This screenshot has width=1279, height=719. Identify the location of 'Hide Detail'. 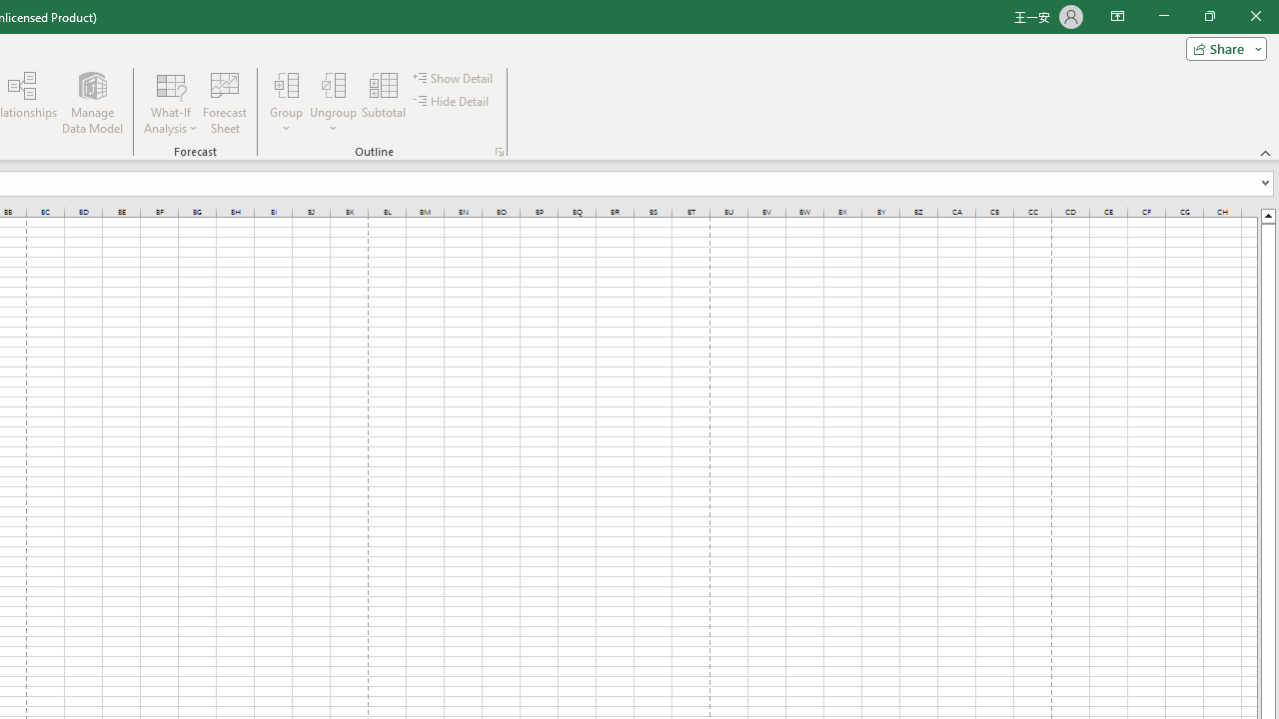
(452, 101).